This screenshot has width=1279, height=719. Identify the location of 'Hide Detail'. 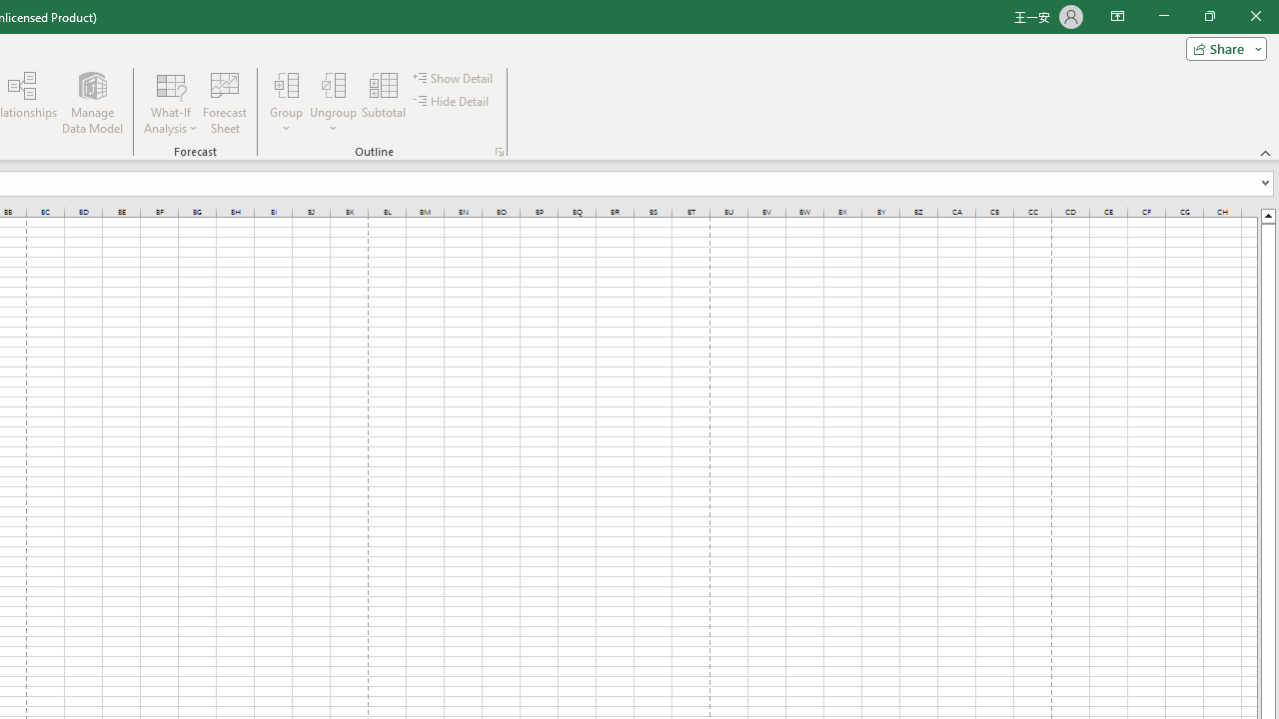
(452, 101).